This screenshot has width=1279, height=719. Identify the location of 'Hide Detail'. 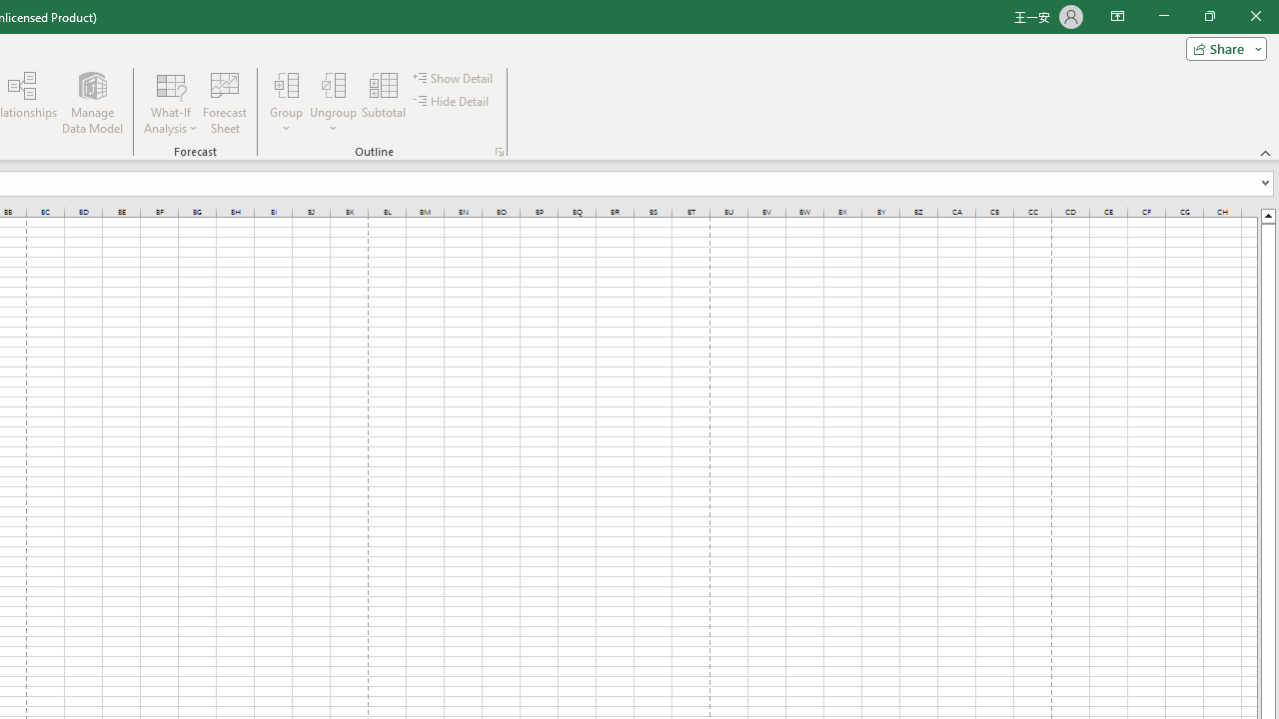
(452, 101).